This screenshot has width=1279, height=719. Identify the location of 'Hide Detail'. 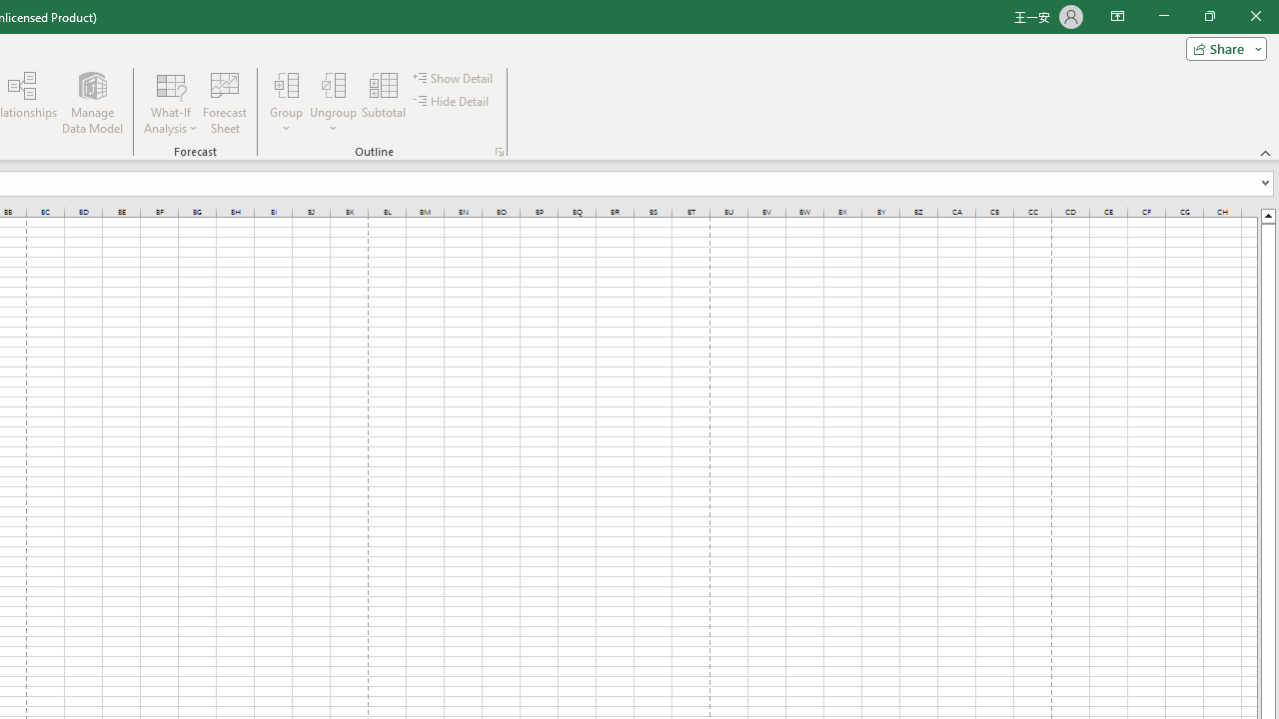
(452, 101).